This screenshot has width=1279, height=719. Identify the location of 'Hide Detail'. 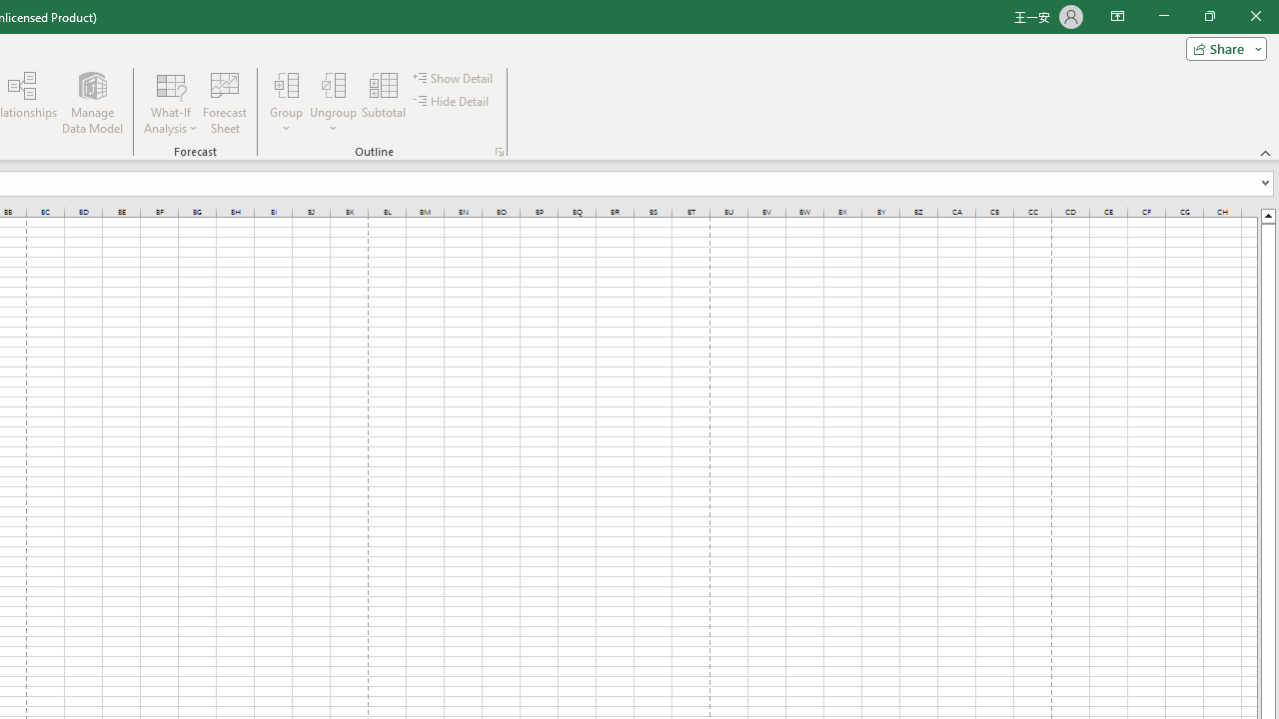
(452, 101).